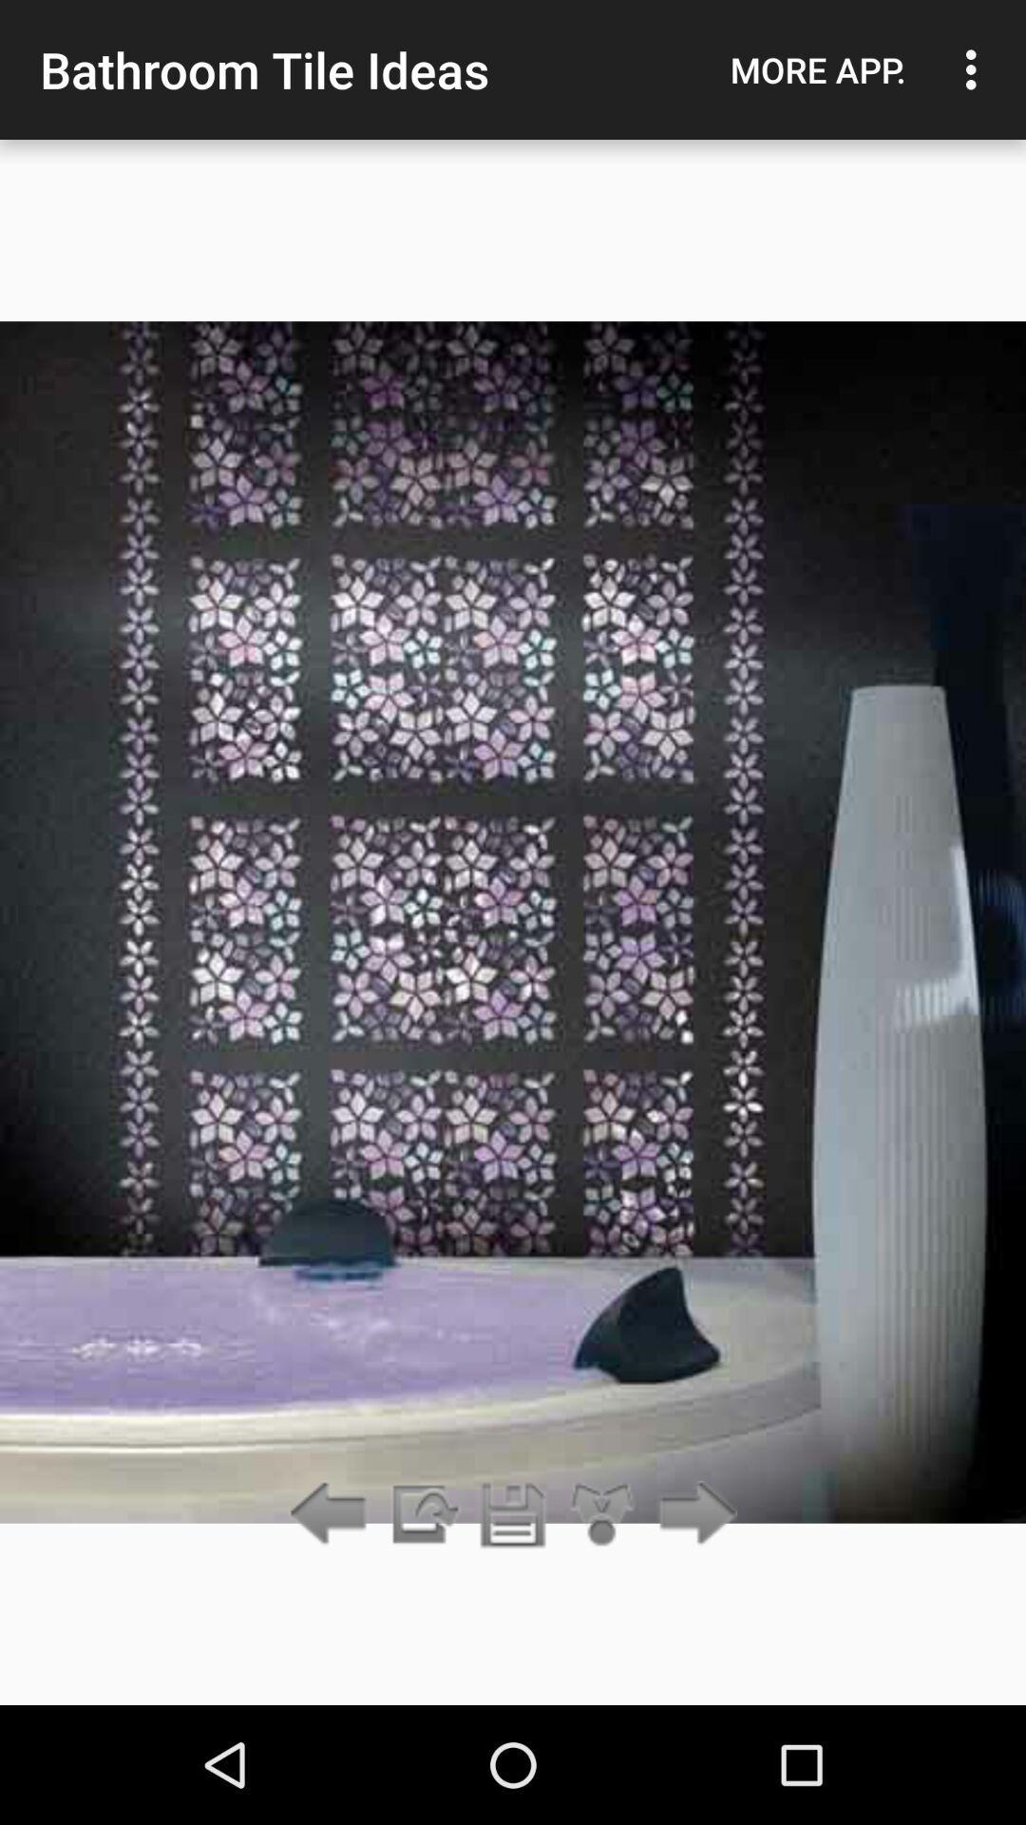 The height and width of the screenshot is (1825, 1026). I want to click on share, so click(602, 1514).